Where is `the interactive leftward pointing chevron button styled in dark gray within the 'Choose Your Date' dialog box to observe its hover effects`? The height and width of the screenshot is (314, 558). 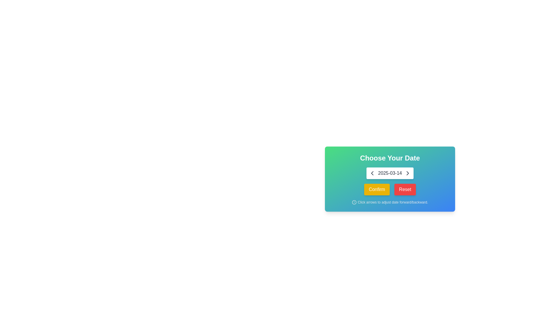
the interactive leftward pointing chevron button styled in dark gray within the 'Choose Your Date' dialog box to observe its hover effects is located at coordinates (372, 173).